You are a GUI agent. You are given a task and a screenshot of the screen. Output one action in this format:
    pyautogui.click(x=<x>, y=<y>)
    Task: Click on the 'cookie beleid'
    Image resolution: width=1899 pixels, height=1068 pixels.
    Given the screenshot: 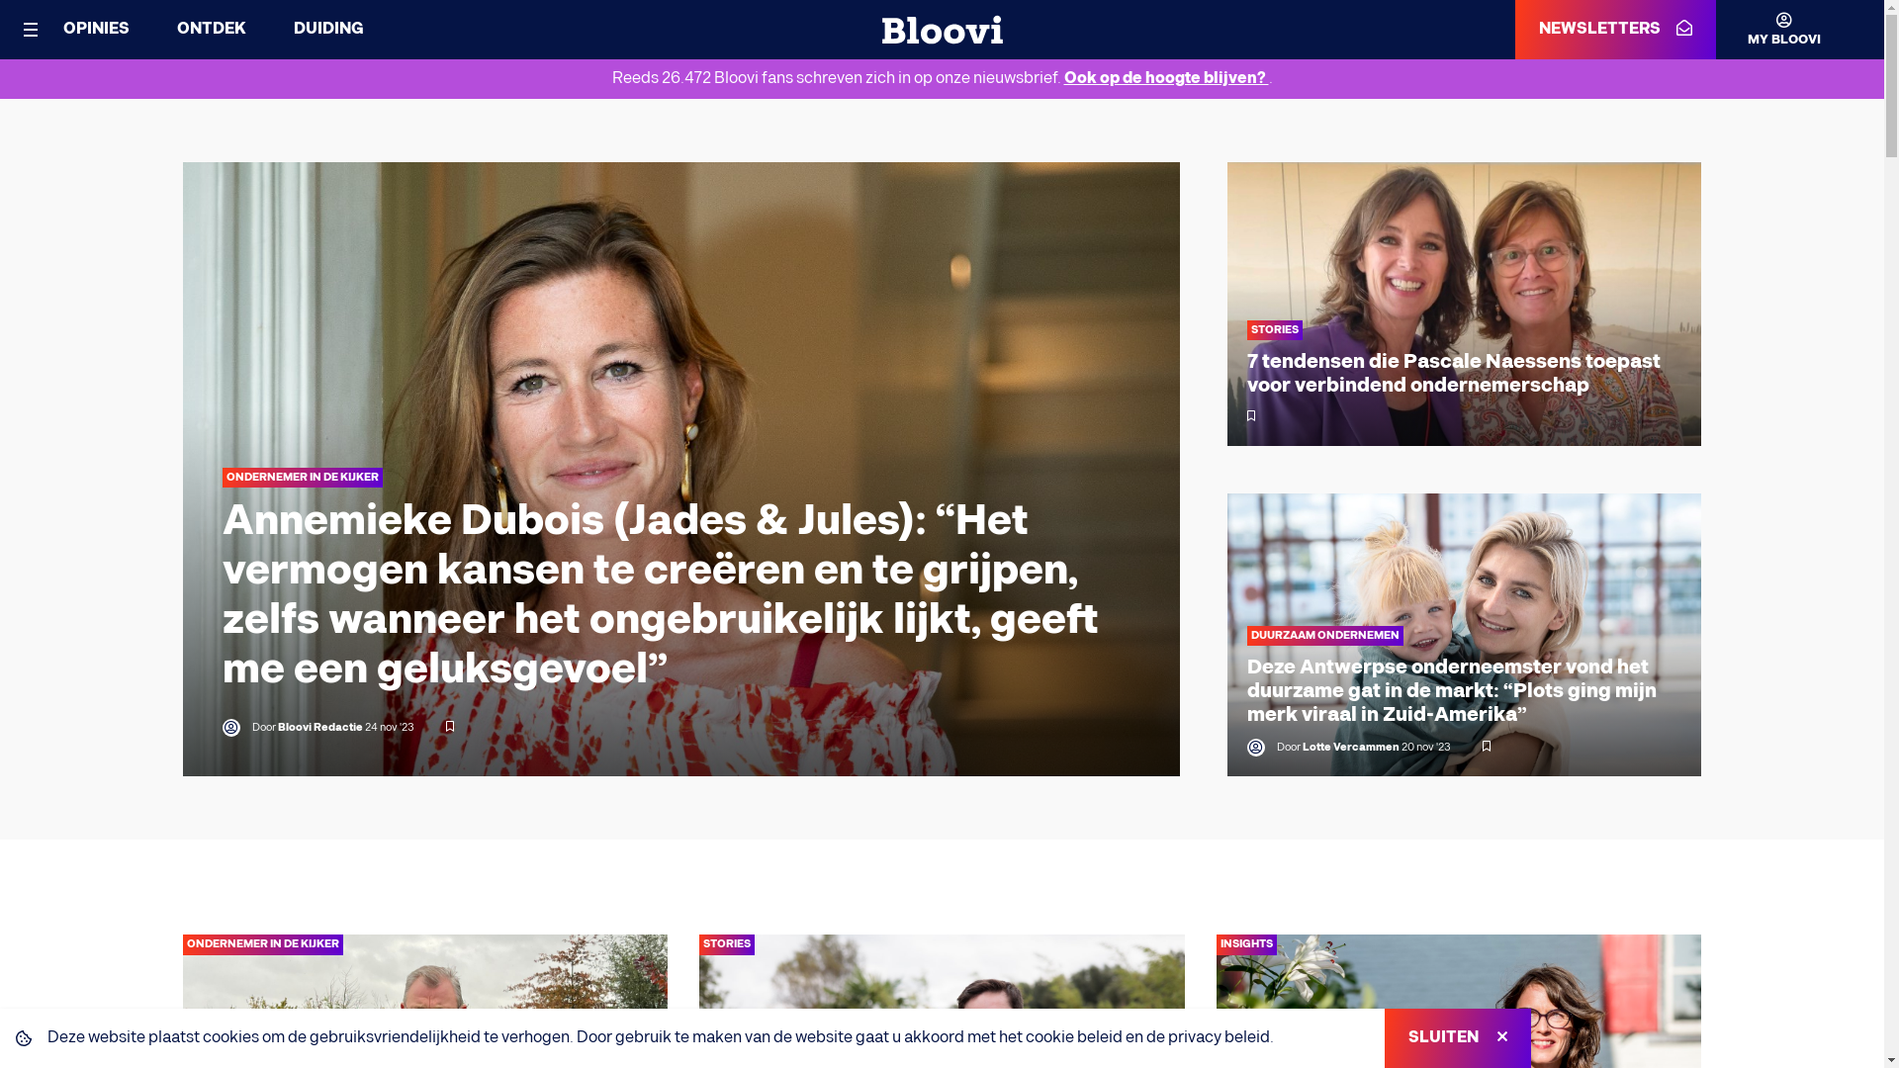 What is the action you would take?
    pyautogui.click(x=1072, y=1036)
    